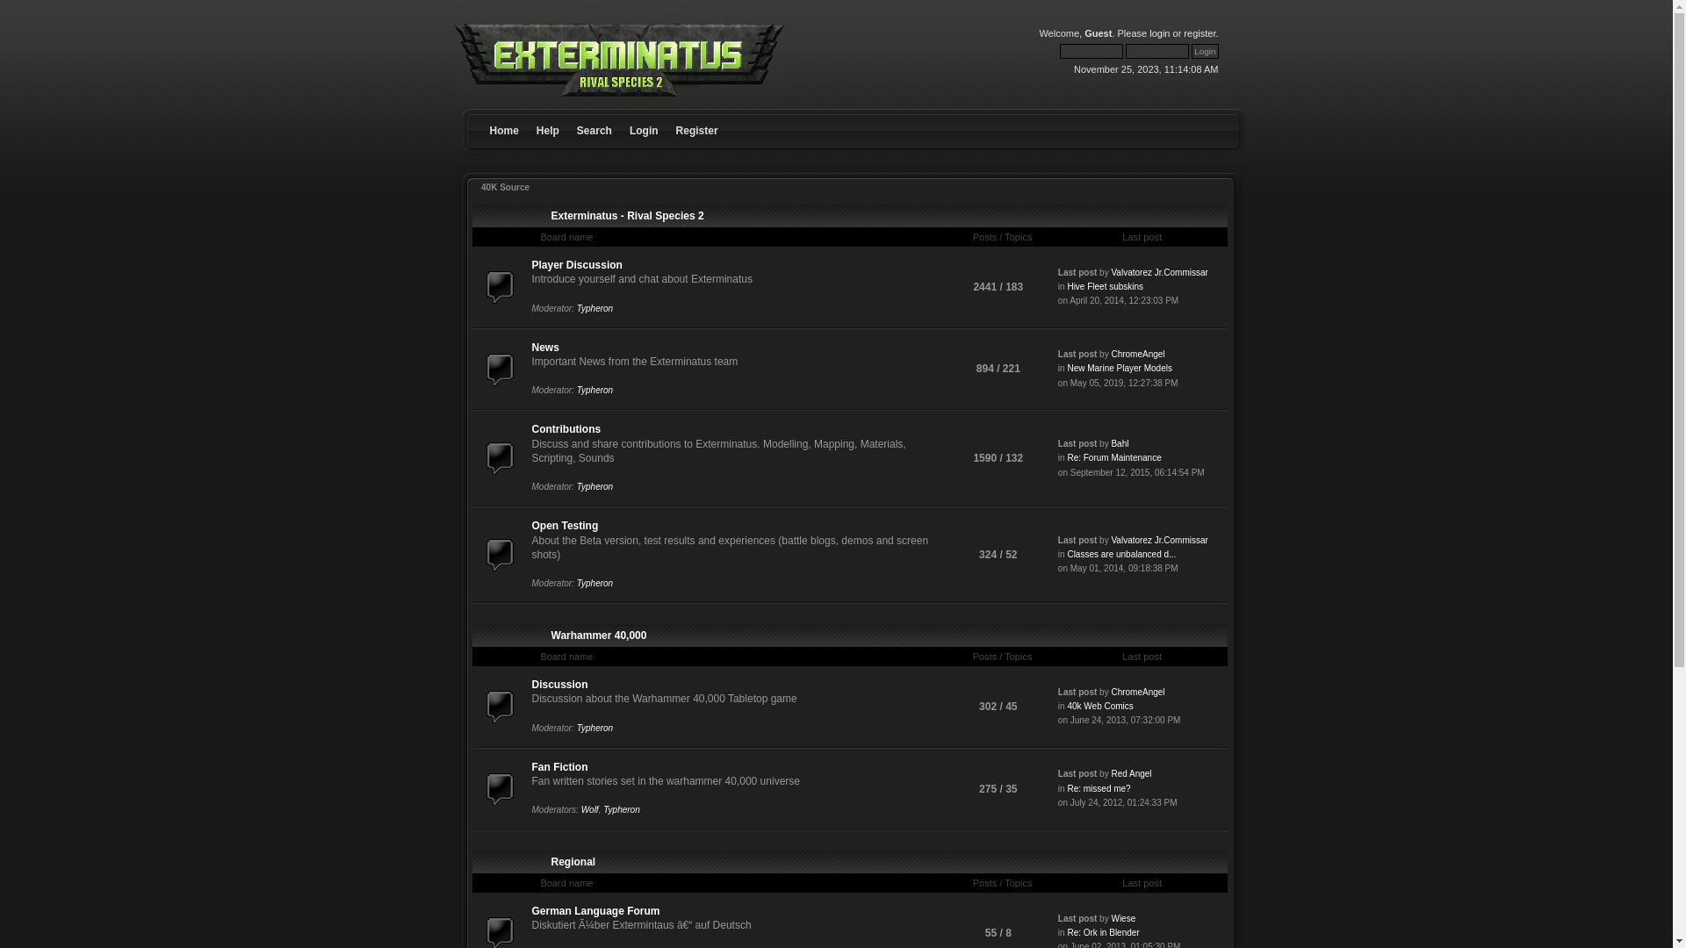  I want to click on 'Search', so click(594, 116).